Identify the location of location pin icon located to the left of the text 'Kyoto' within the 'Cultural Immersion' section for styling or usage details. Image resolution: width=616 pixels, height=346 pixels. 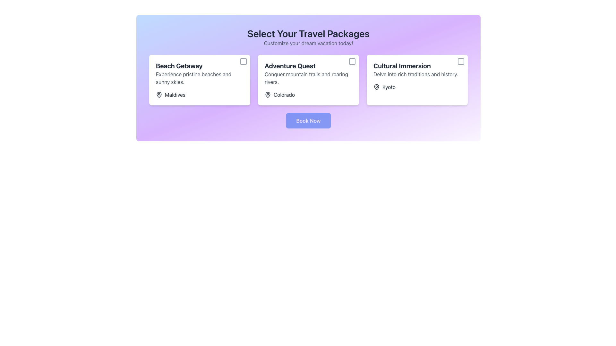
(377, 87).